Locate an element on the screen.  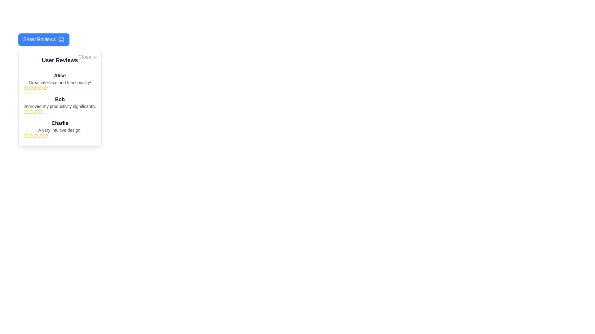
the button that toggles the visibility of the reviews section to trigger hover effects is located at coordinates (43, 39).